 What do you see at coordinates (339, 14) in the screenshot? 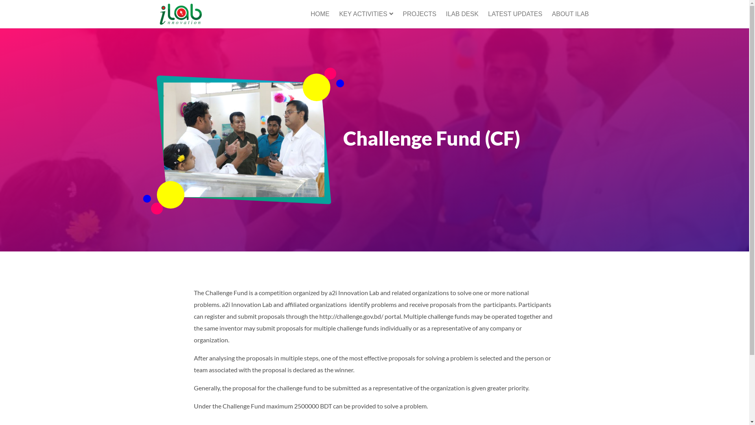
I see `'KEY ACTIVITIES'` at bounding box center [339, 14].